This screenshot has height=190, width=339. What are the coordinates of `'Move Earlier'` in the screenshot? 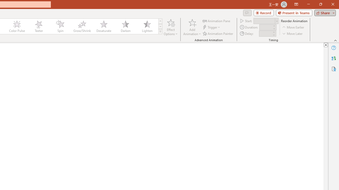 It's located at (293, 27).